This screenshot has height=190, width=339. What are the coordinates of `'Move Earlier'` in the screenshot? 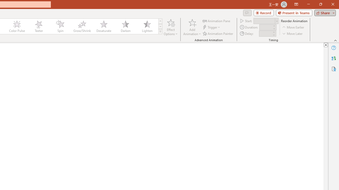 It's located at (293, 27).